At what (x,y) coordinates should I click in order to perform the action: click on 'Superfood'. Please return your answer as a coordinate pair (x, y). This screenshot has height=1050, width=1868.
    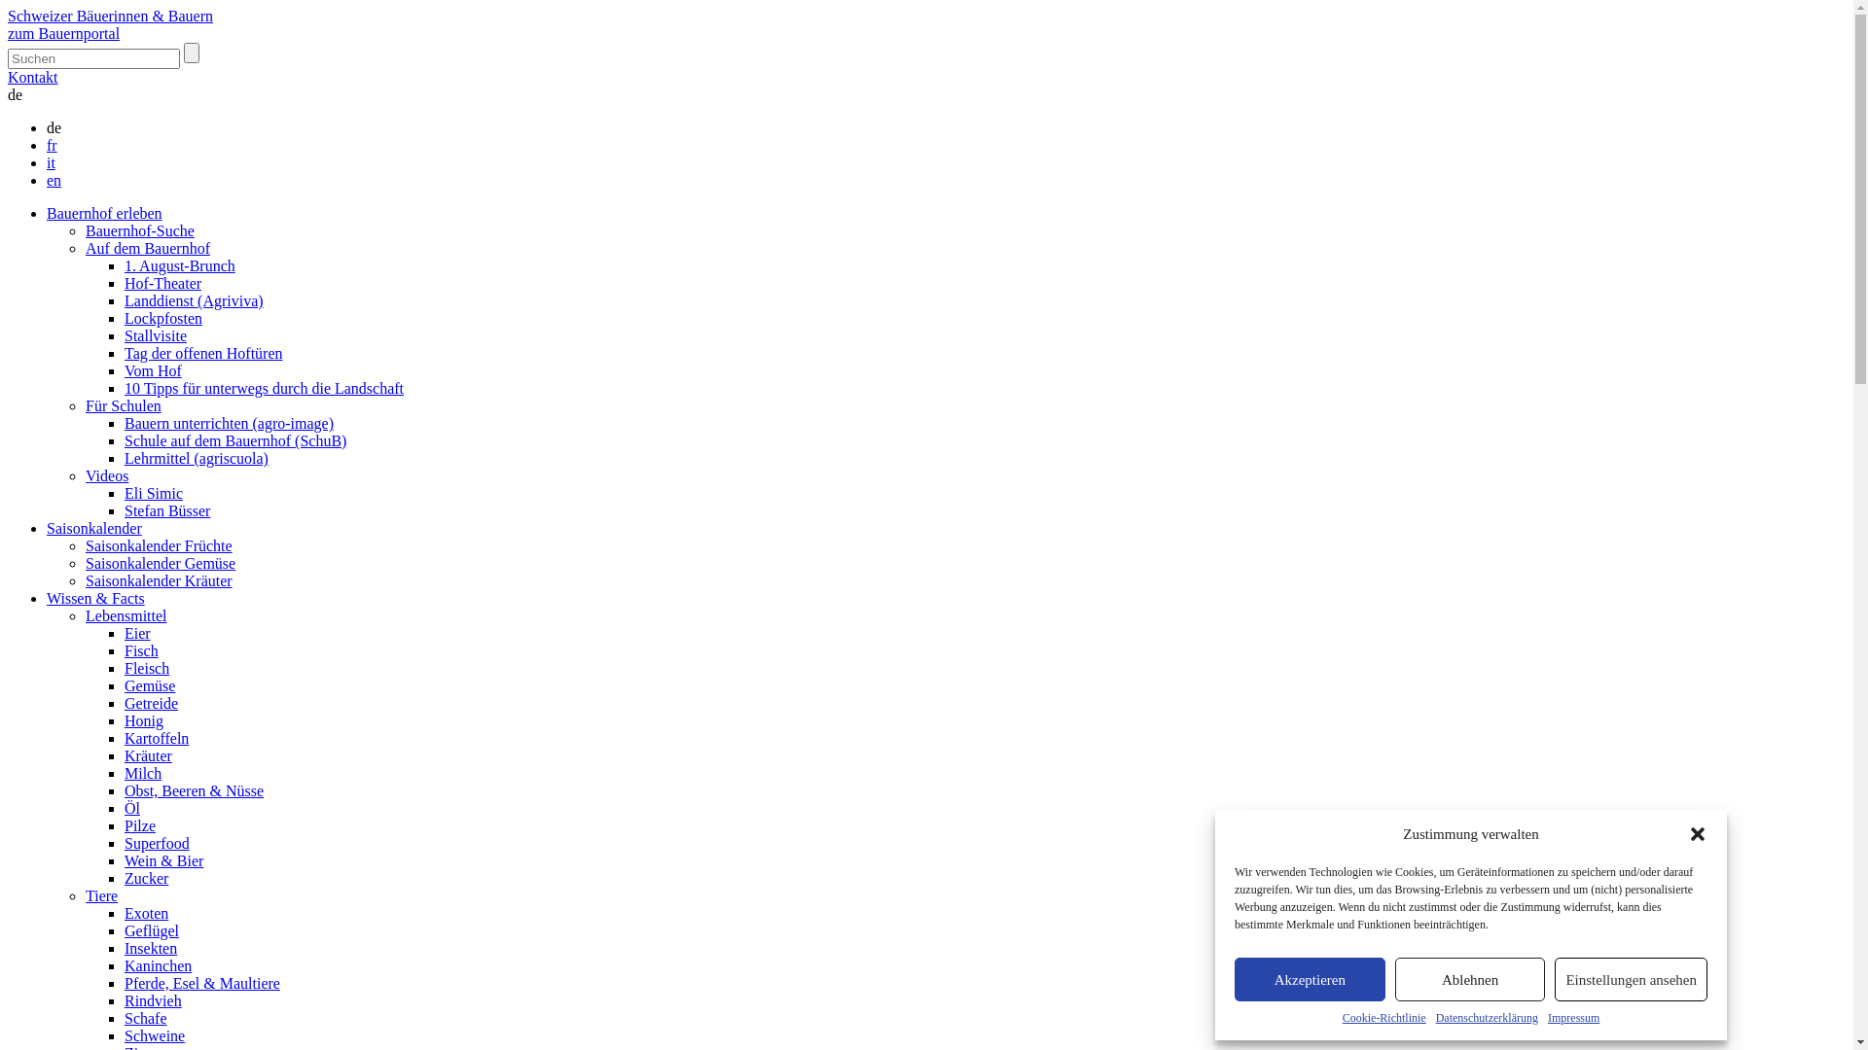
    Looking at the image, I should click on (157, 842).